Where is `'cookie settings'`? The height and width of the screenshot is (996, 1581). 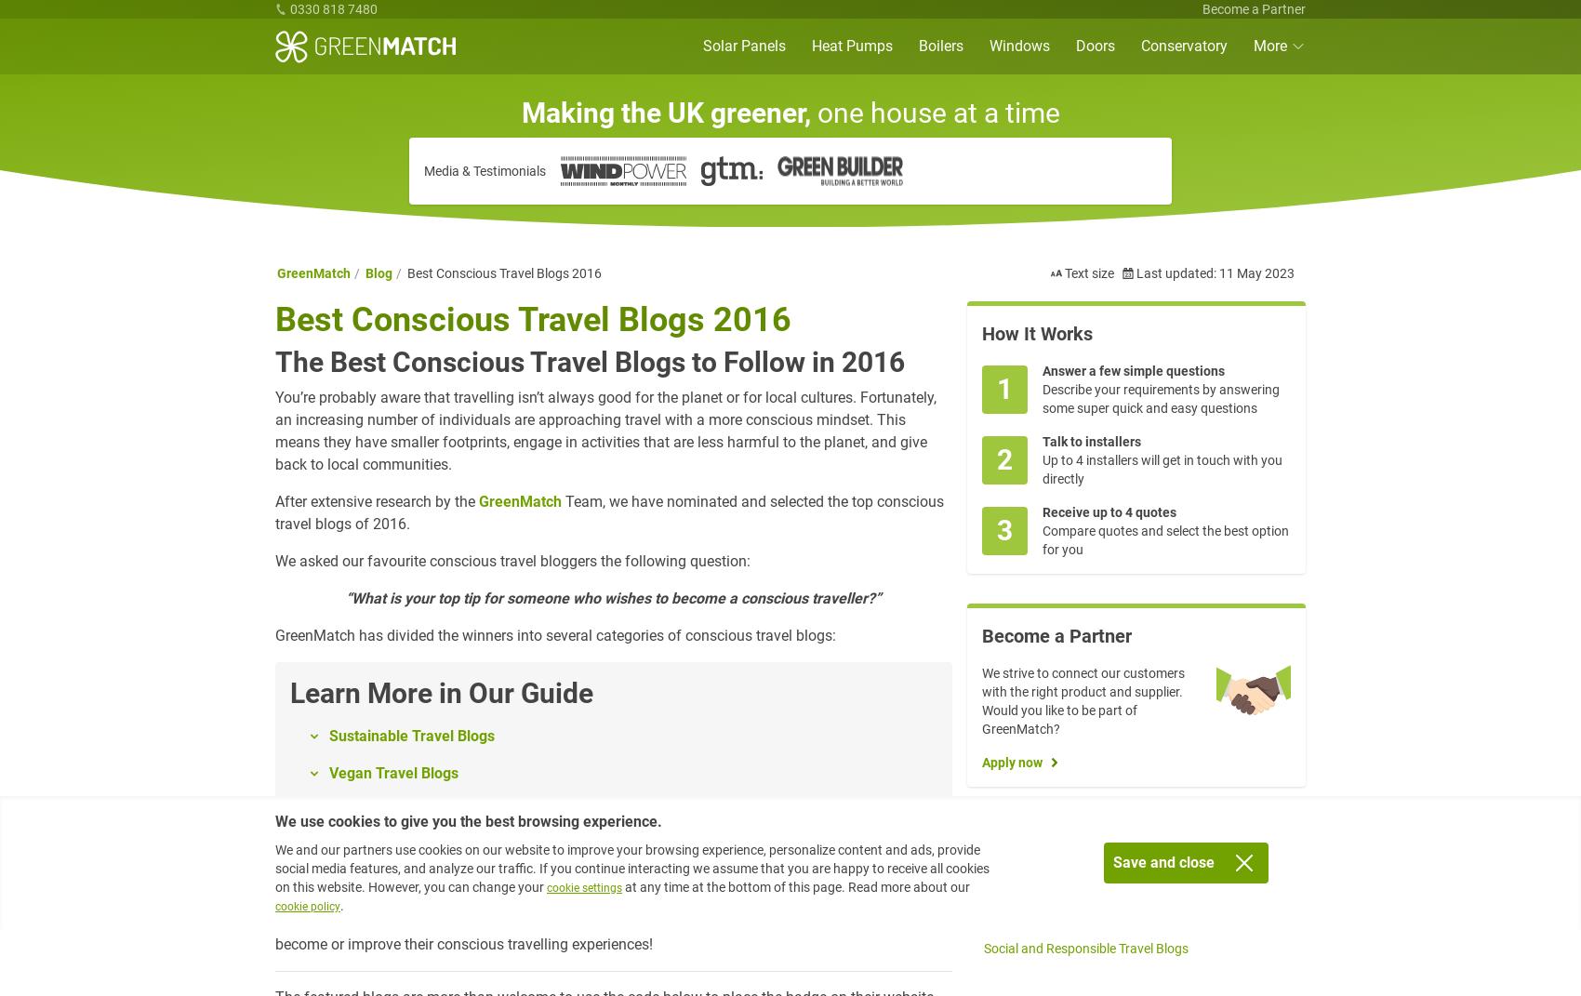 'cookie settings' is located at coordinates (546, 886).